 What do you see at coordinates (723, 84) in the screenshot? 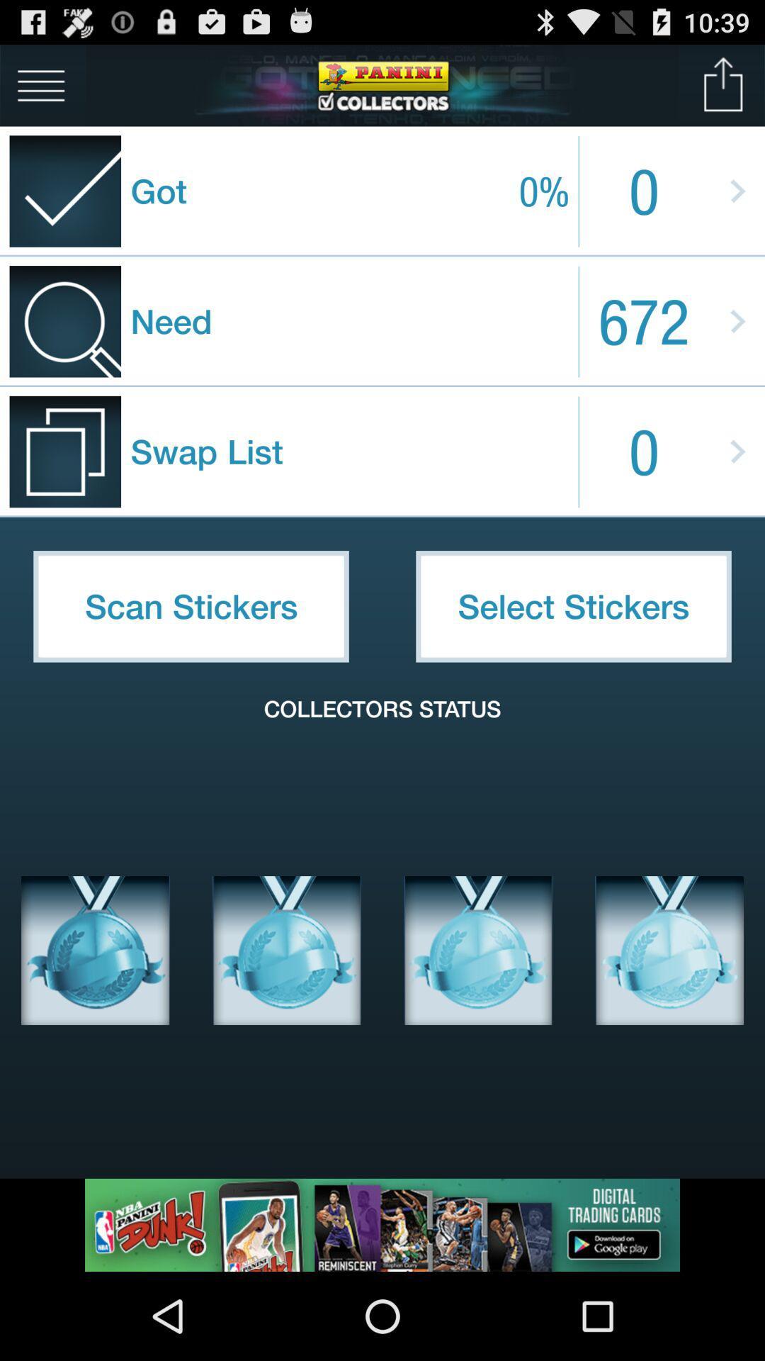
I see `the item above the 0 icon` at bounding box center [723, 84].